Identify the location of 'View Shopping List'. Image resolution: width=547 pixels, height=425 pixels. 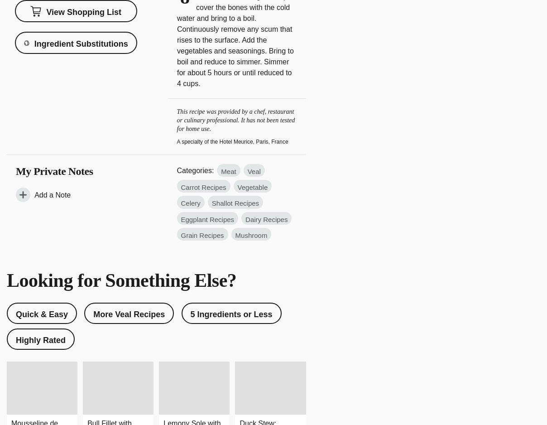
(83, 12).